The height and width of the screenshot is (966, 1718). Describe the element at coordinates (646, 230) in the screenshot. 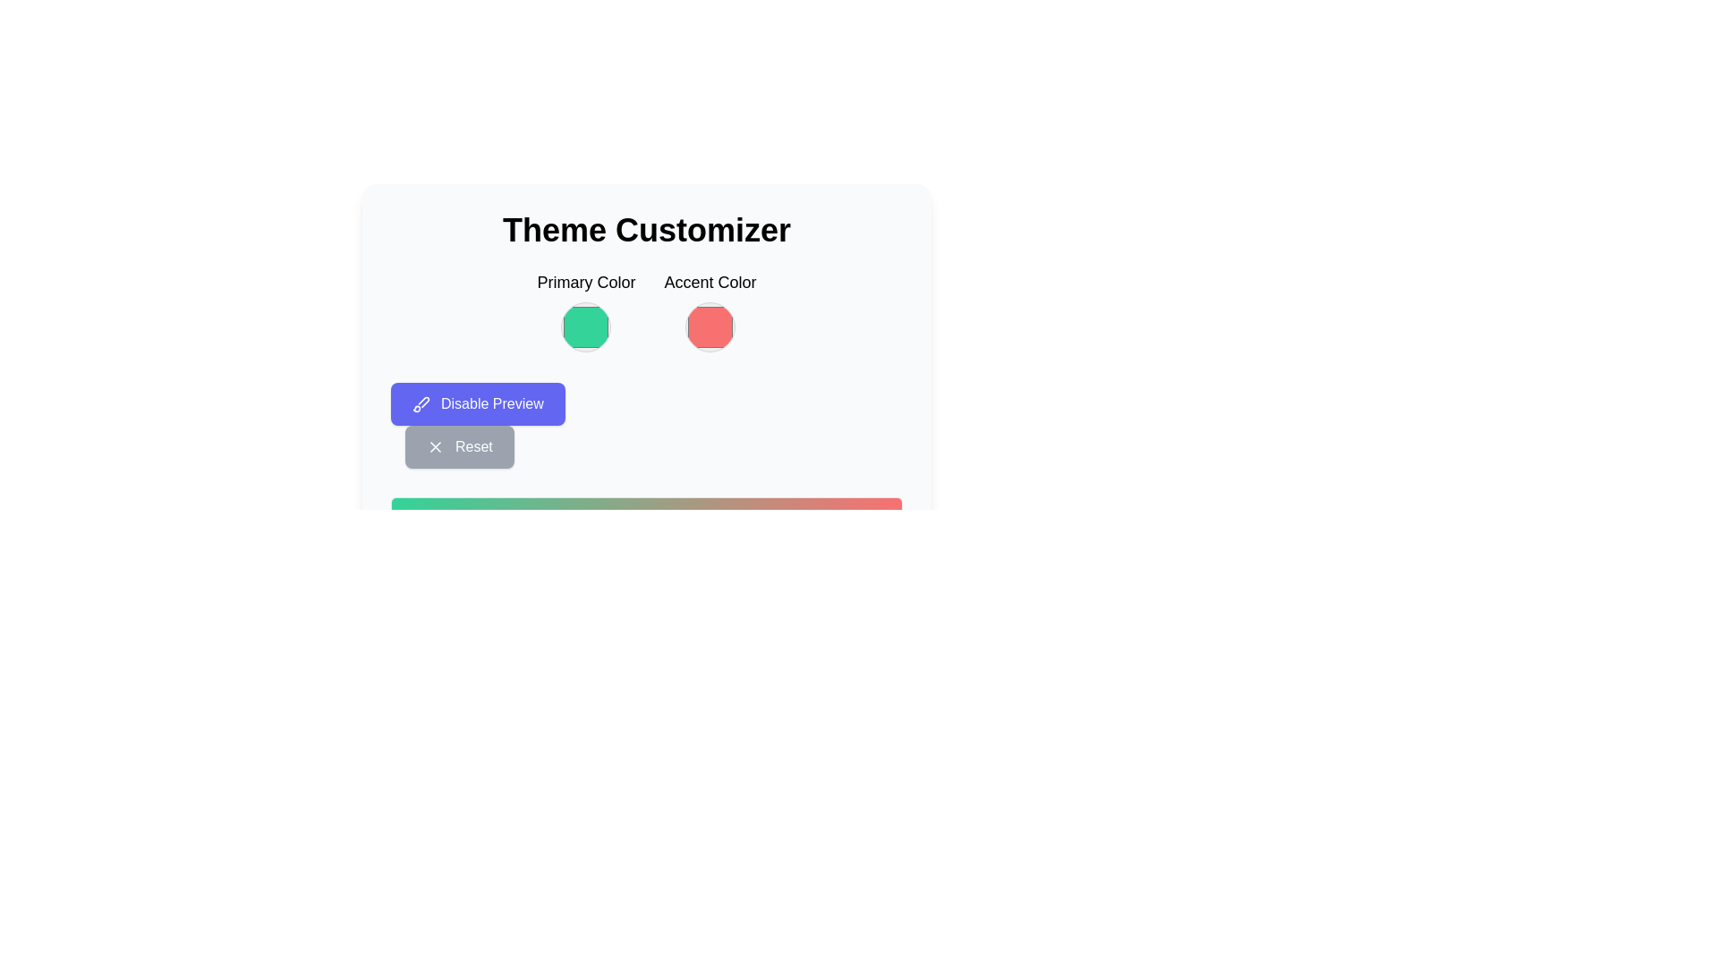

I see `the 'Theme Customizer' text label, which is a bold, large header prominently displayed at the top center of the interface` at that location.